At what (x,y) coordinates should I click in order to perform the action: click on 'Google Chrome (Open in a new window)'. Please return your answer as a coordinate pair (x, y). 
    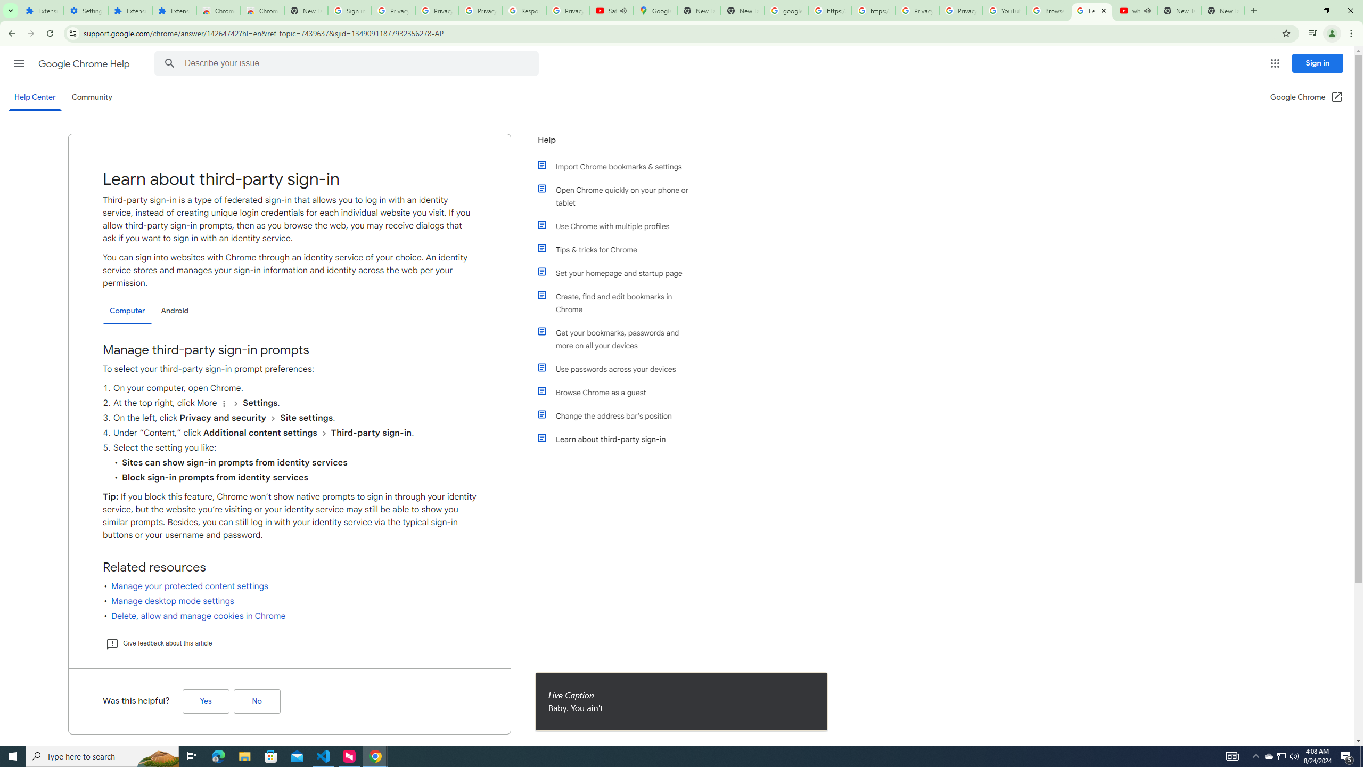
    Looking at the image, I should click on (1307, 96).